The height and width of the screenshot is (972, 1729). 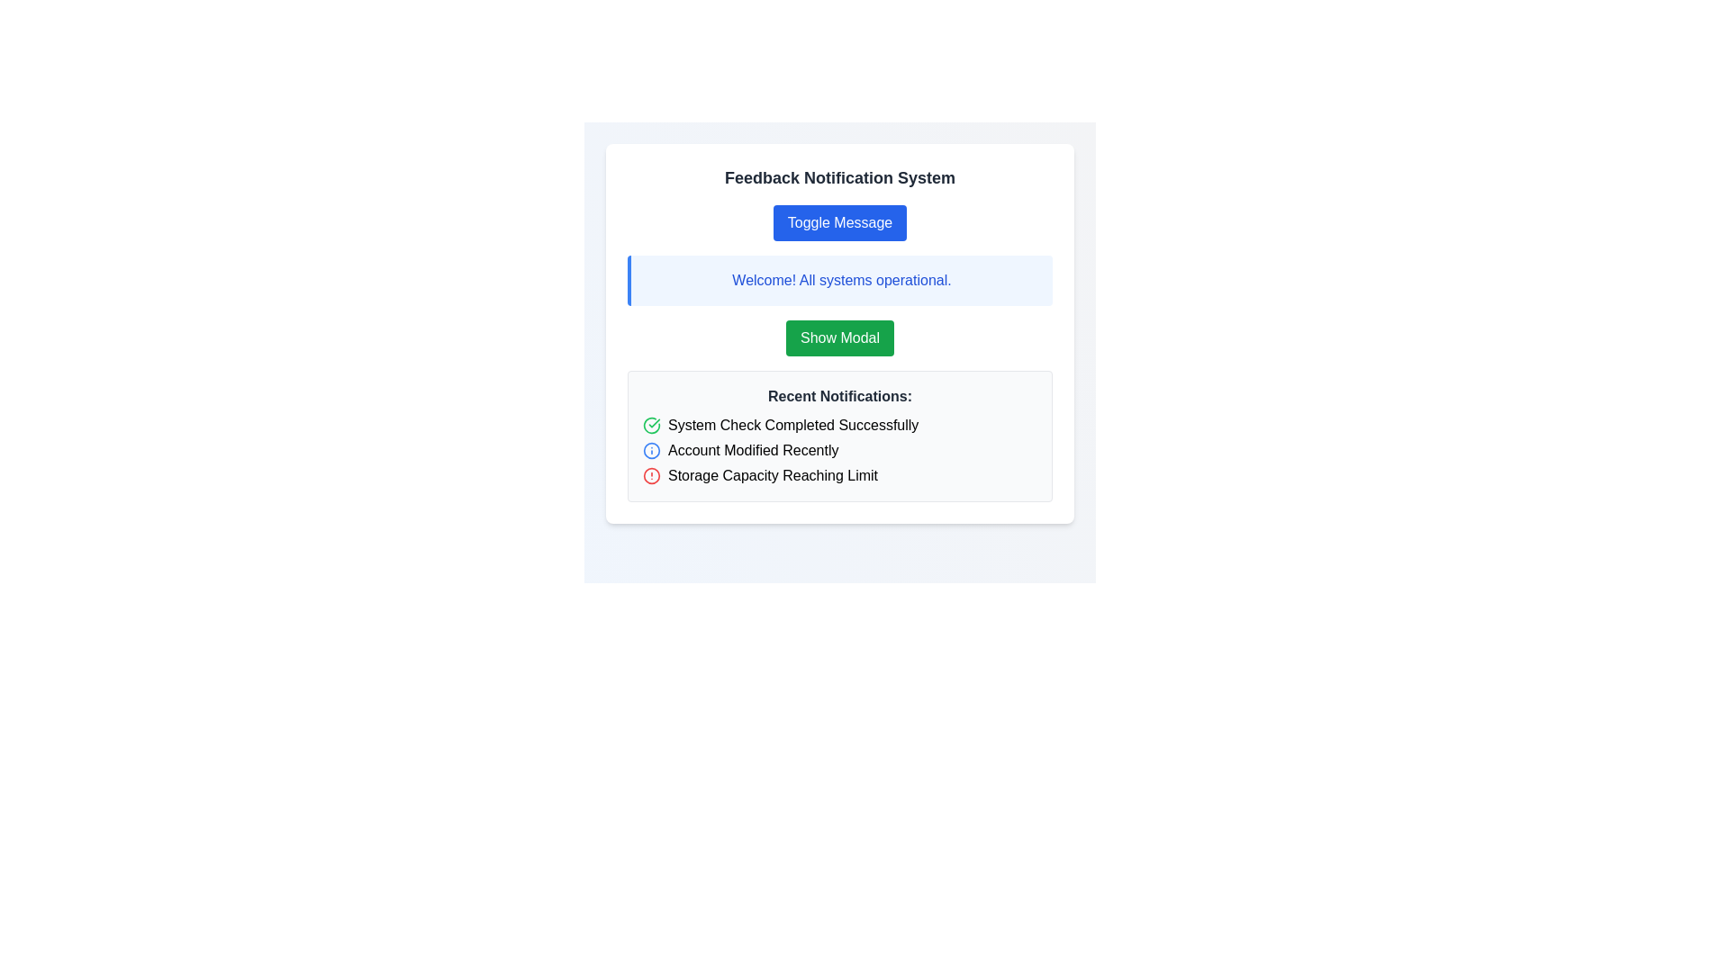 I want to click on the notification icon indicating 'Storage Capacity Reaching Limit' located to the left of the text in the 'Recent Notifications' section, so click(x=651, y=474).